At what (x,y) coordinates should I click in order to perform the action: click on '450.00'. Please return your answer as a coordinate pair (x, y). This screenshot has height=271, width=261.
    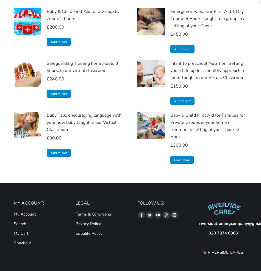
    Looking at the image, I should click on (181, 34).